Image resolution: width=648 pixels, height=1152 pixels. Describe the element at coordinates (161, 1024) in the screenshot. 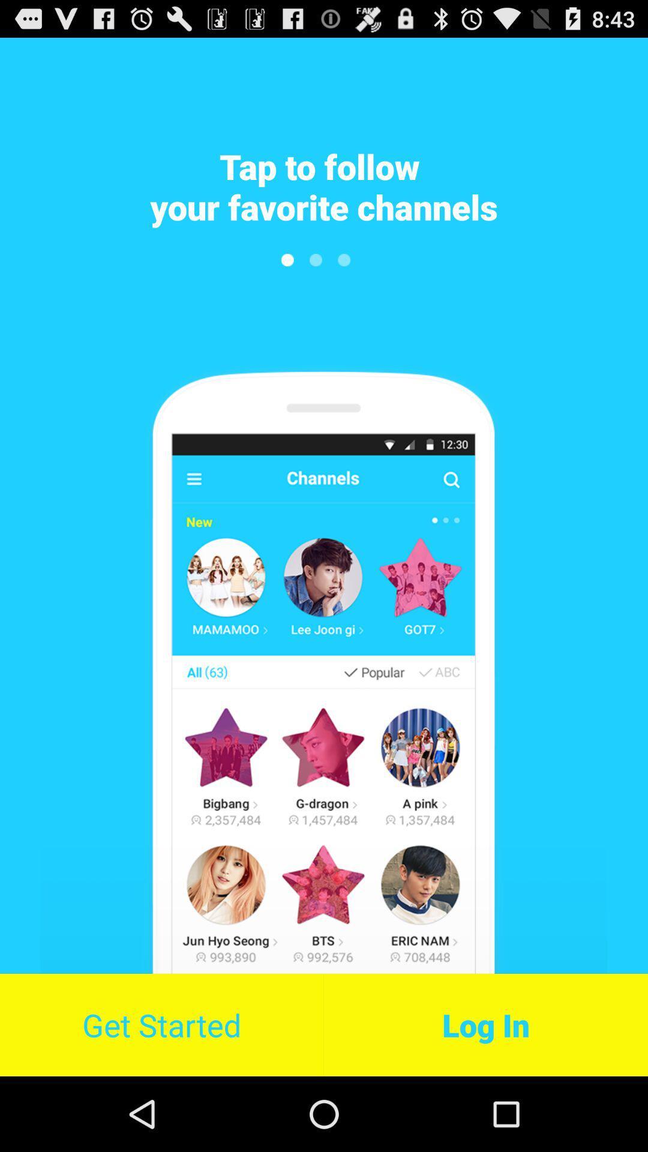

I see `item at the bottom left corner` at that location.